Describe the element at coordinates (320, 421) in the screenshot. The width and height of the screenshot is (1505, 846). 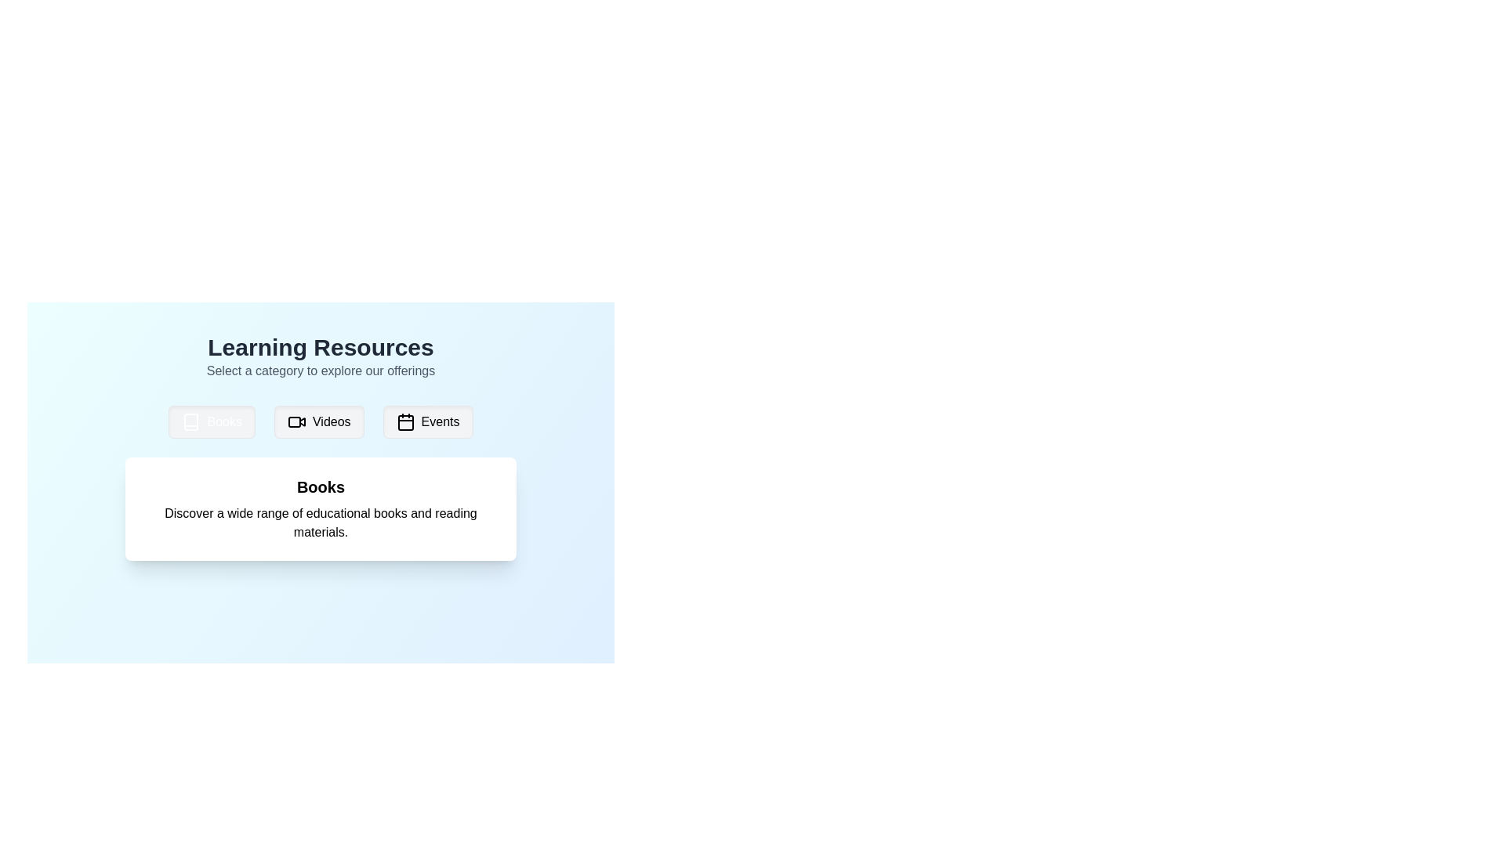
I see `the 'Videos' button in the horizontal menu bar located below the 'Learning Resources' title` at that location.